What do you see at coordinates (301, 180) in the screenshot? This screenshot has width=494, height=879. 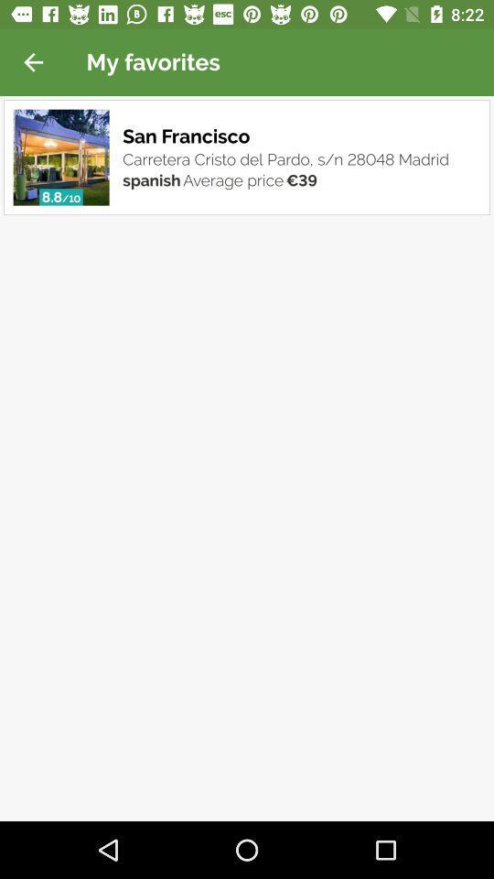 I see `the item below carretera cristo del` at bounding box center [301, 180].